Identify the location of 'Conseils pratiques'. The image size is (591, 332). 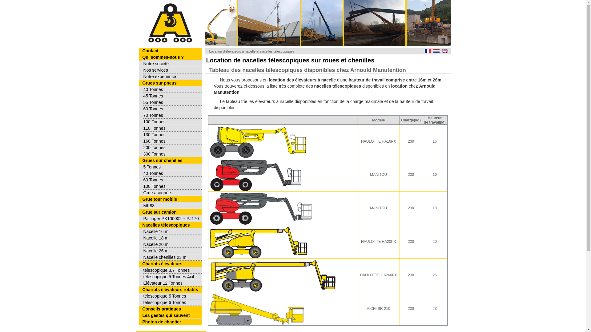
(171, 309).